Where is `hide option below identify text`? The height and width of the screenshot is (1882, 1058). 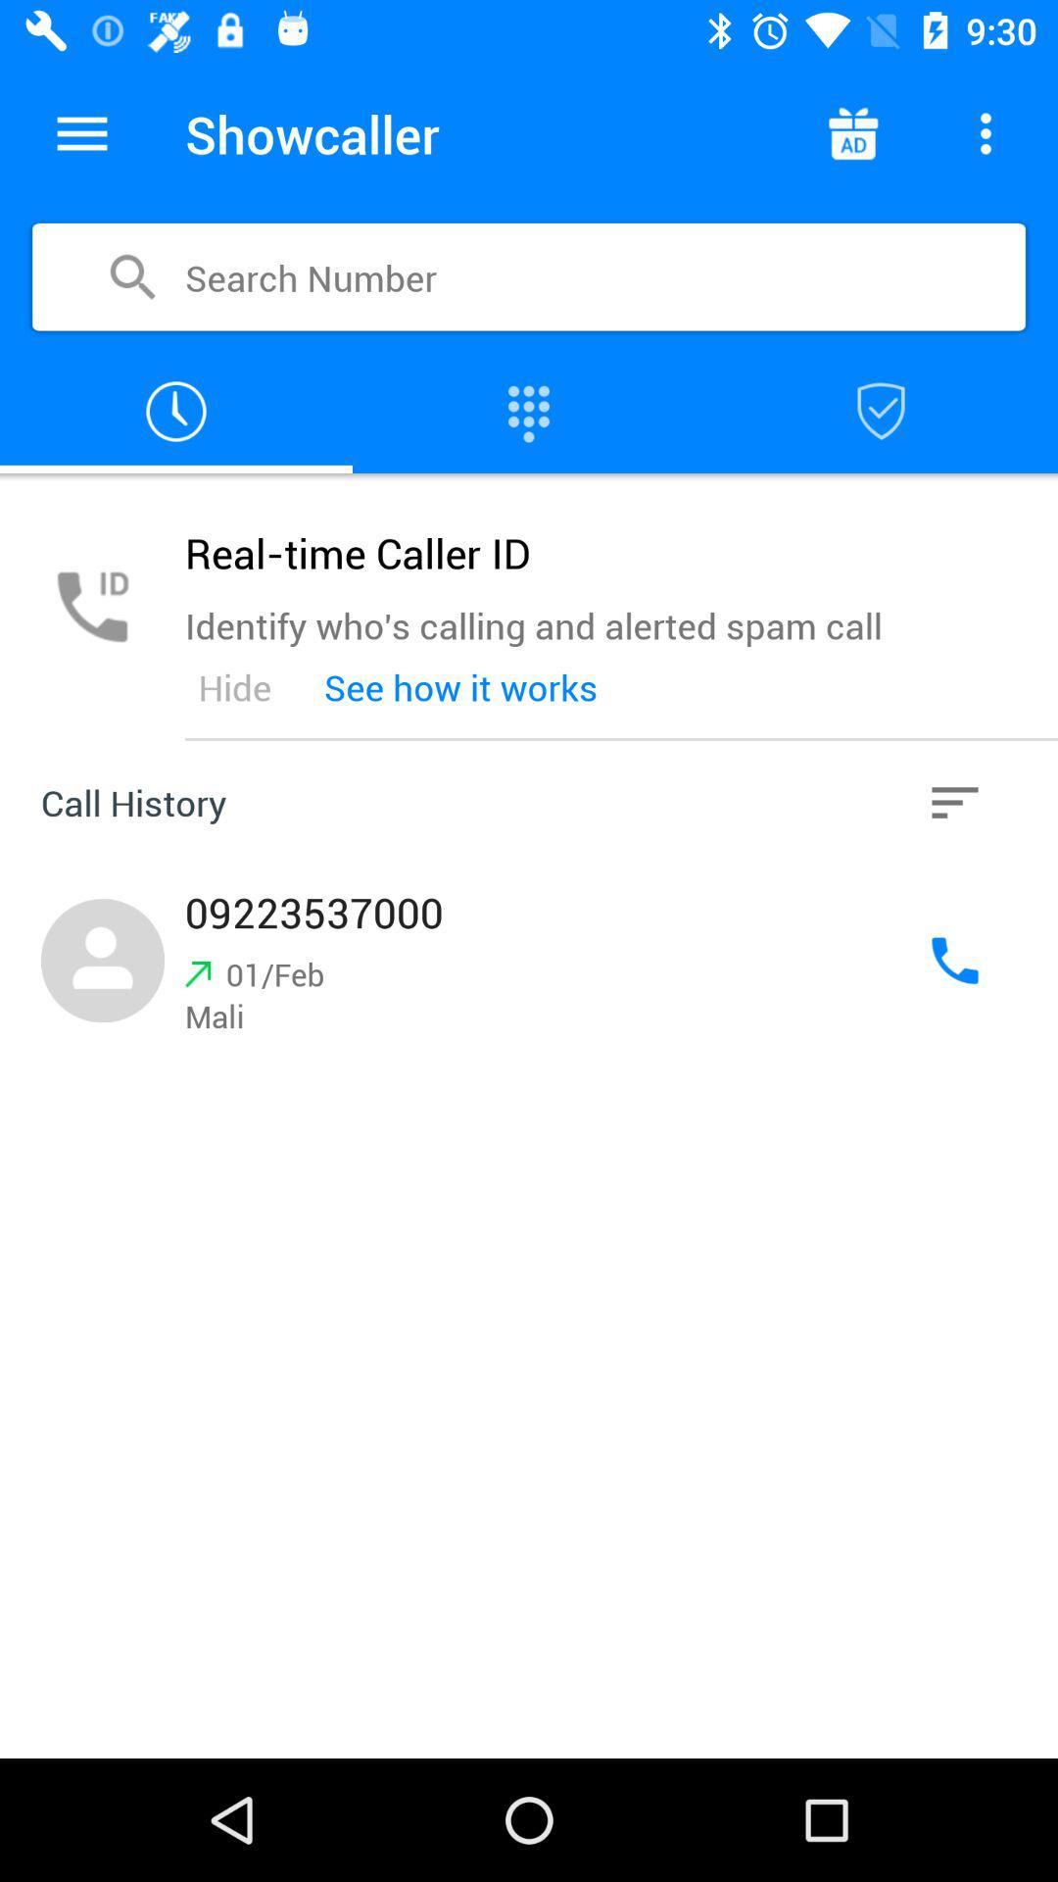
hide option below identify text is located at coordinates (233, 687).